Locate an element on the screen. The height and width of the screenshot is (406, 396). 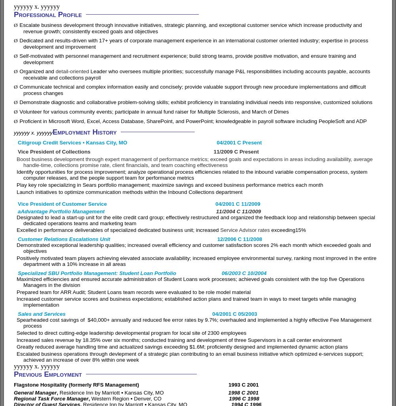
'Sales
and Services' is located at coordinates (115, 313).